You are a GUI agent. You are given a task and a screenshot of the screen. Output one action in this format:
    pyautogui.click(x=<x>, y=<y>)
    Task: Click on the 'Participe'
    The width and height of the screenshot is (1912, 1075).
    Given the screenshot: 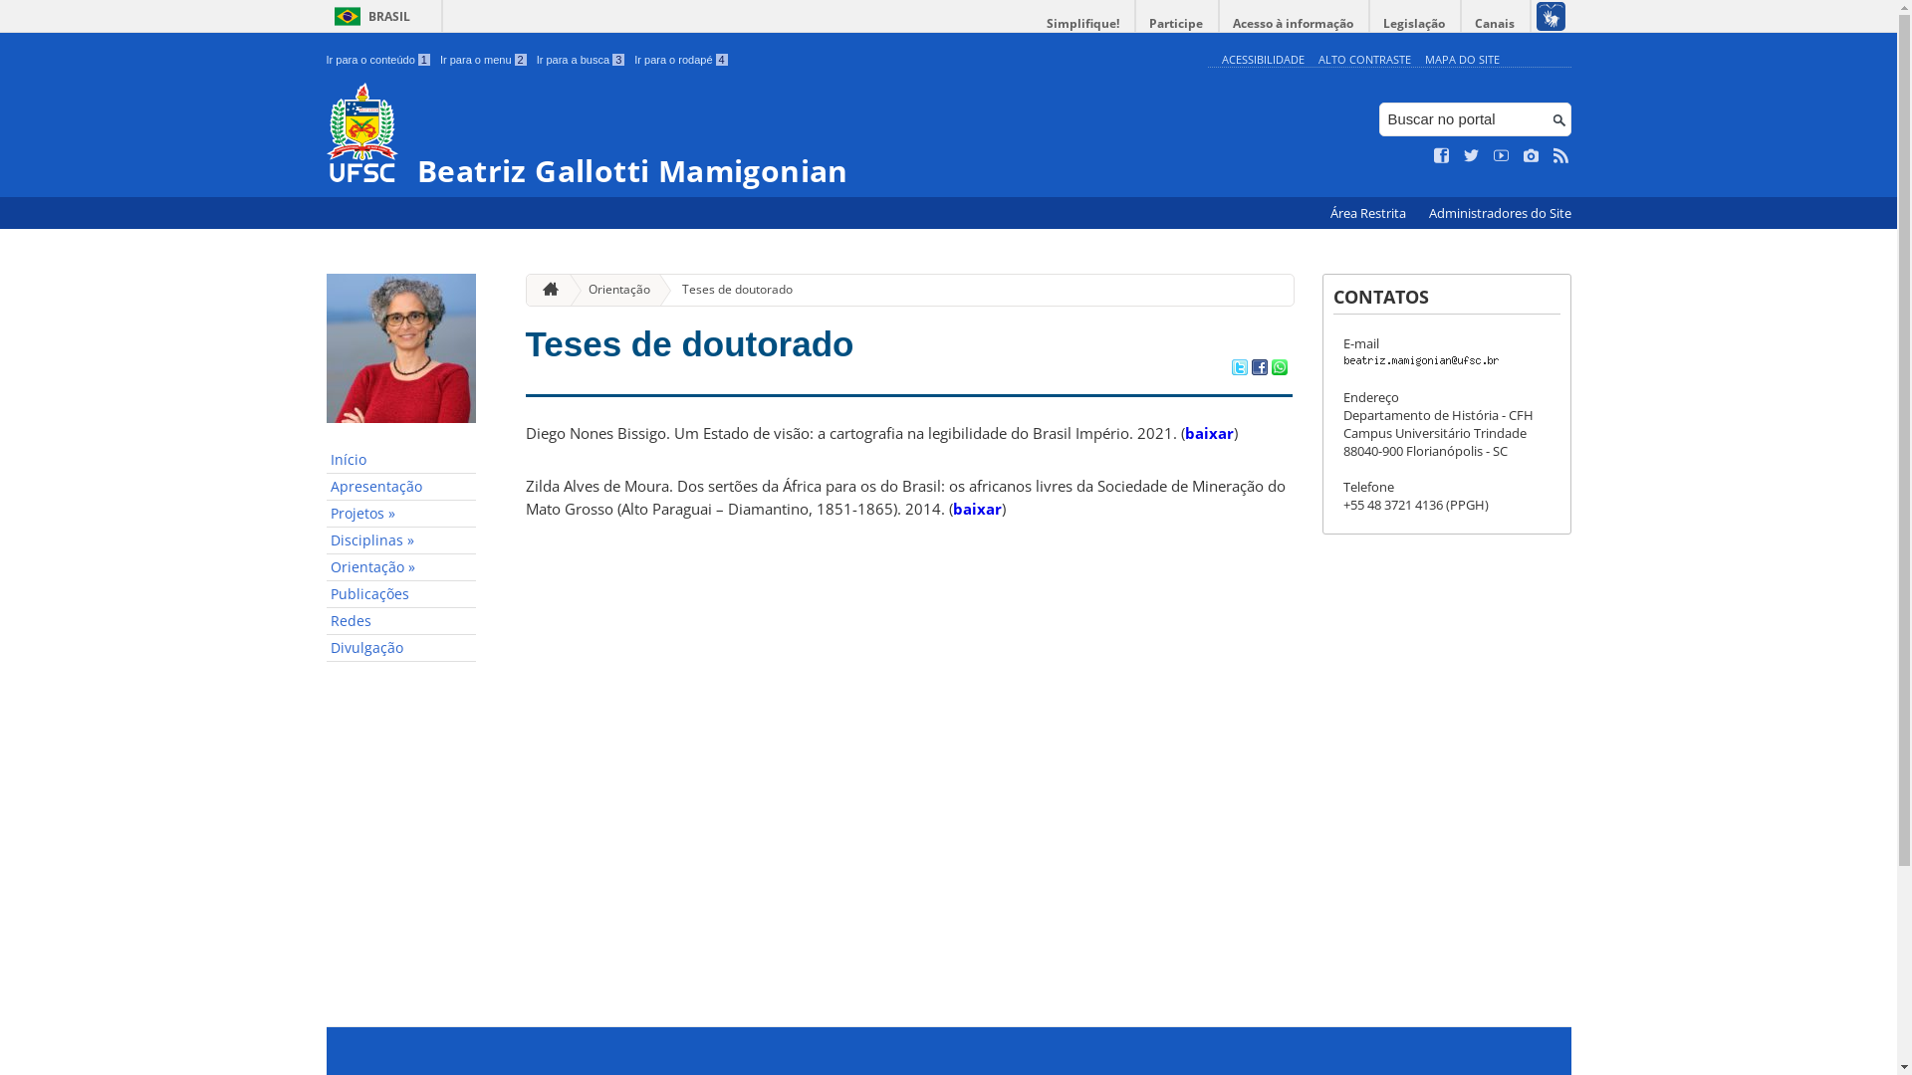 What is the action you would take?
    pyautogui.click(x=1175, y=23)
    